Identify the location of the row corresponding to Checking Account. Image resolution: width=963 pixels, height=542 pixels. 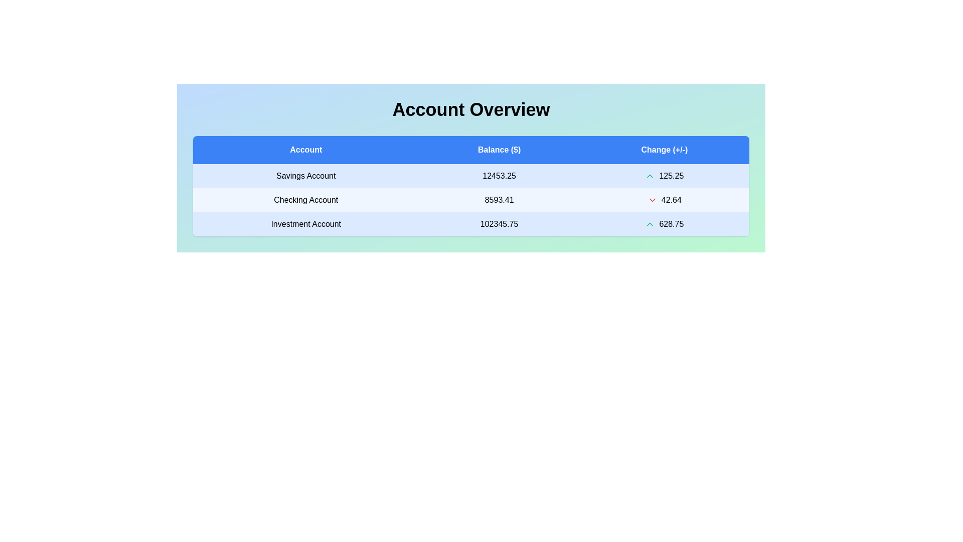
(470, 200).